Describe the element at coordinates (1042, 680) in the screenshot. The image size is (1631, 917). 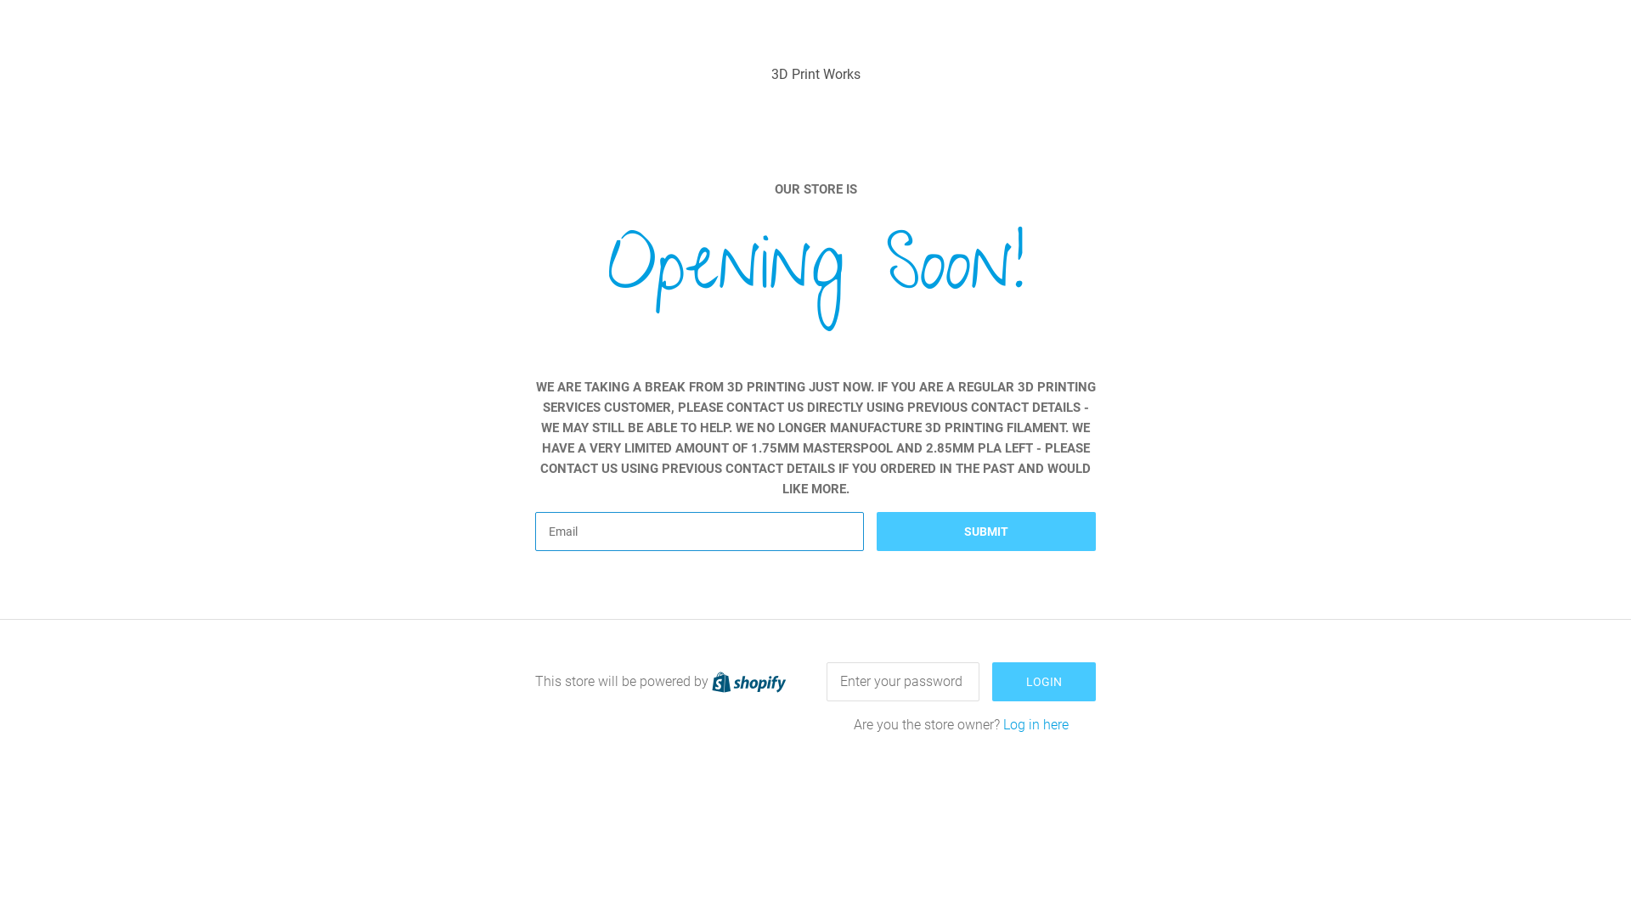
I see `'LOGIN'` at that location.